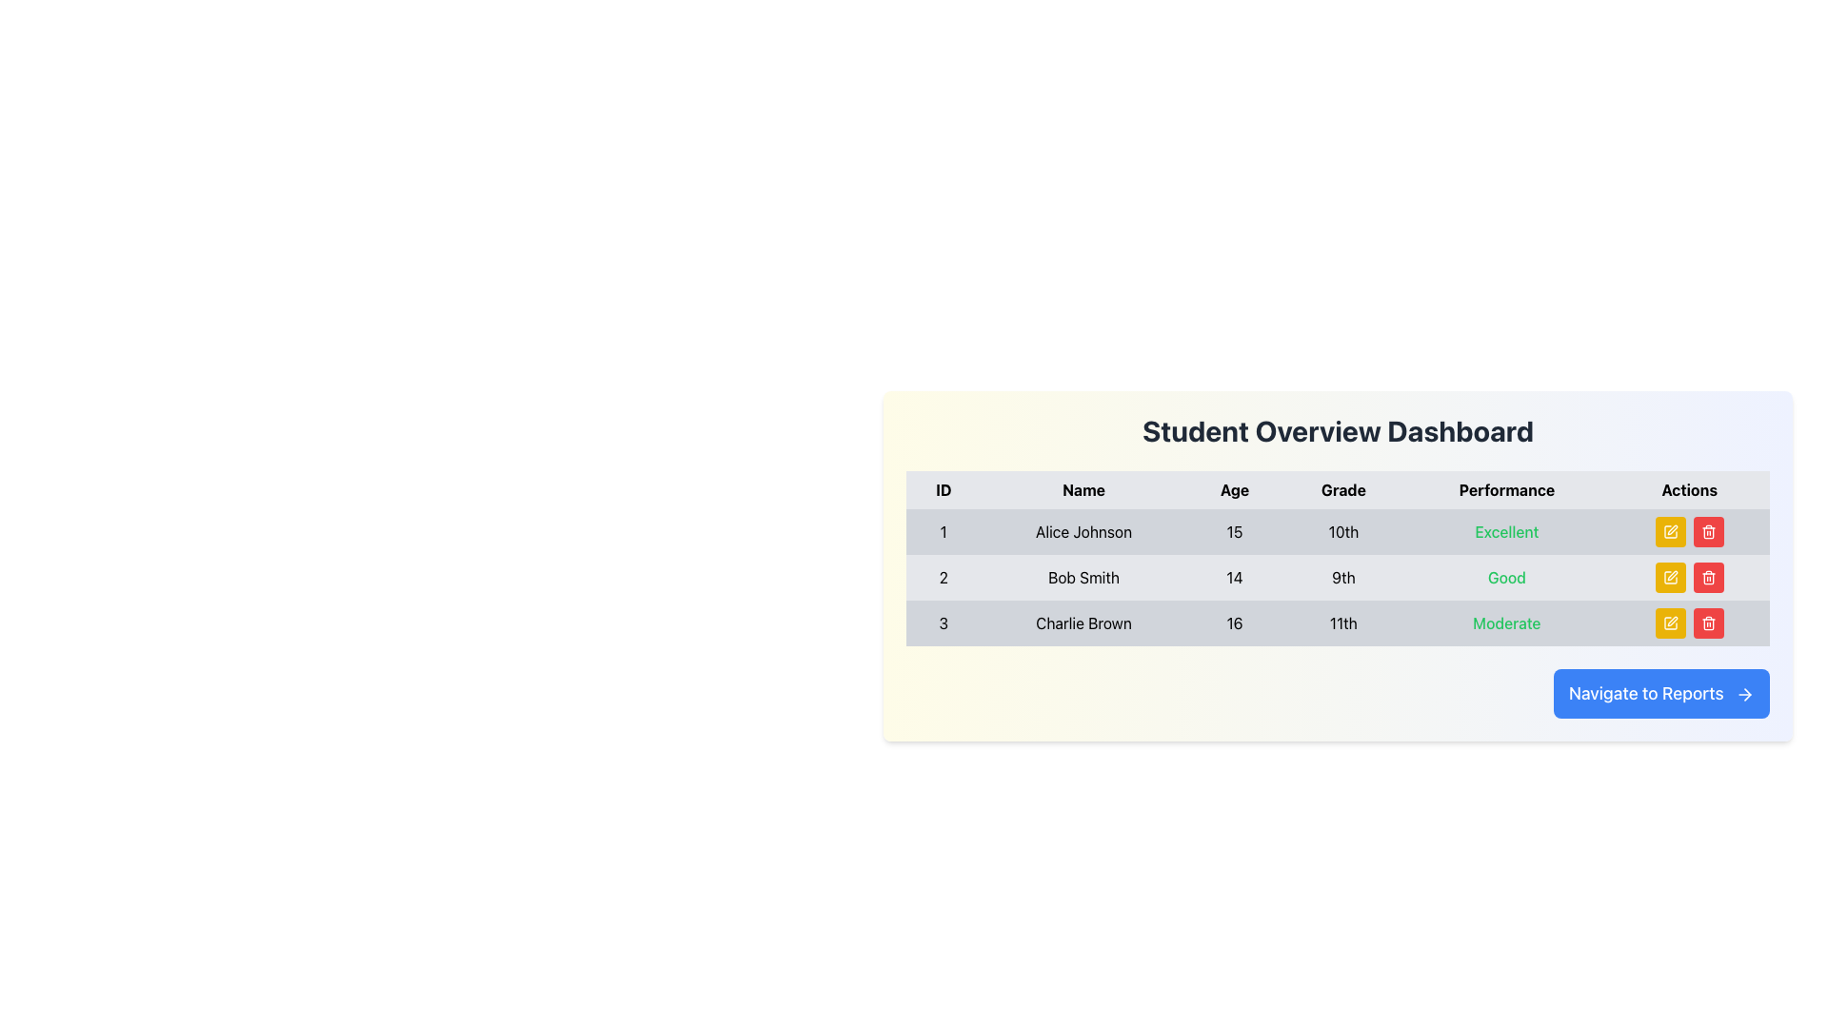  What do you see at coordinates (1083, 576) in the screenshot?
I see `text 'Bob Smith' displayed in bold, centrally-aligned black text within the second column of the second row under the 'Name' header in the Student Overview Dashboard table` at bounding box center [1083, 576].